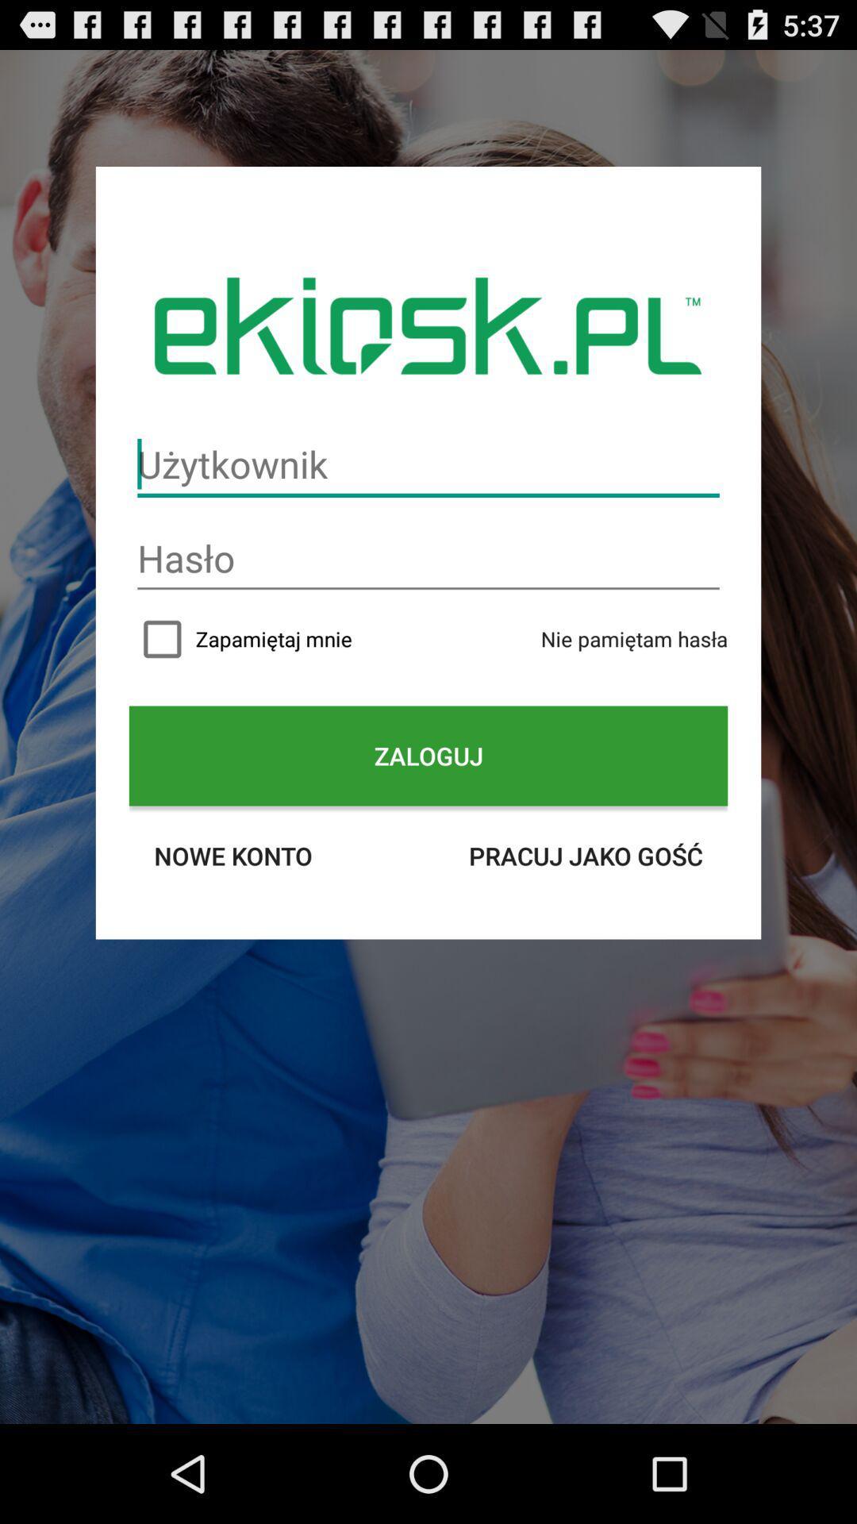 The height and width of the screenshot is (1524, 857). I want to click on button above the zaloguj, so click(428, 639).